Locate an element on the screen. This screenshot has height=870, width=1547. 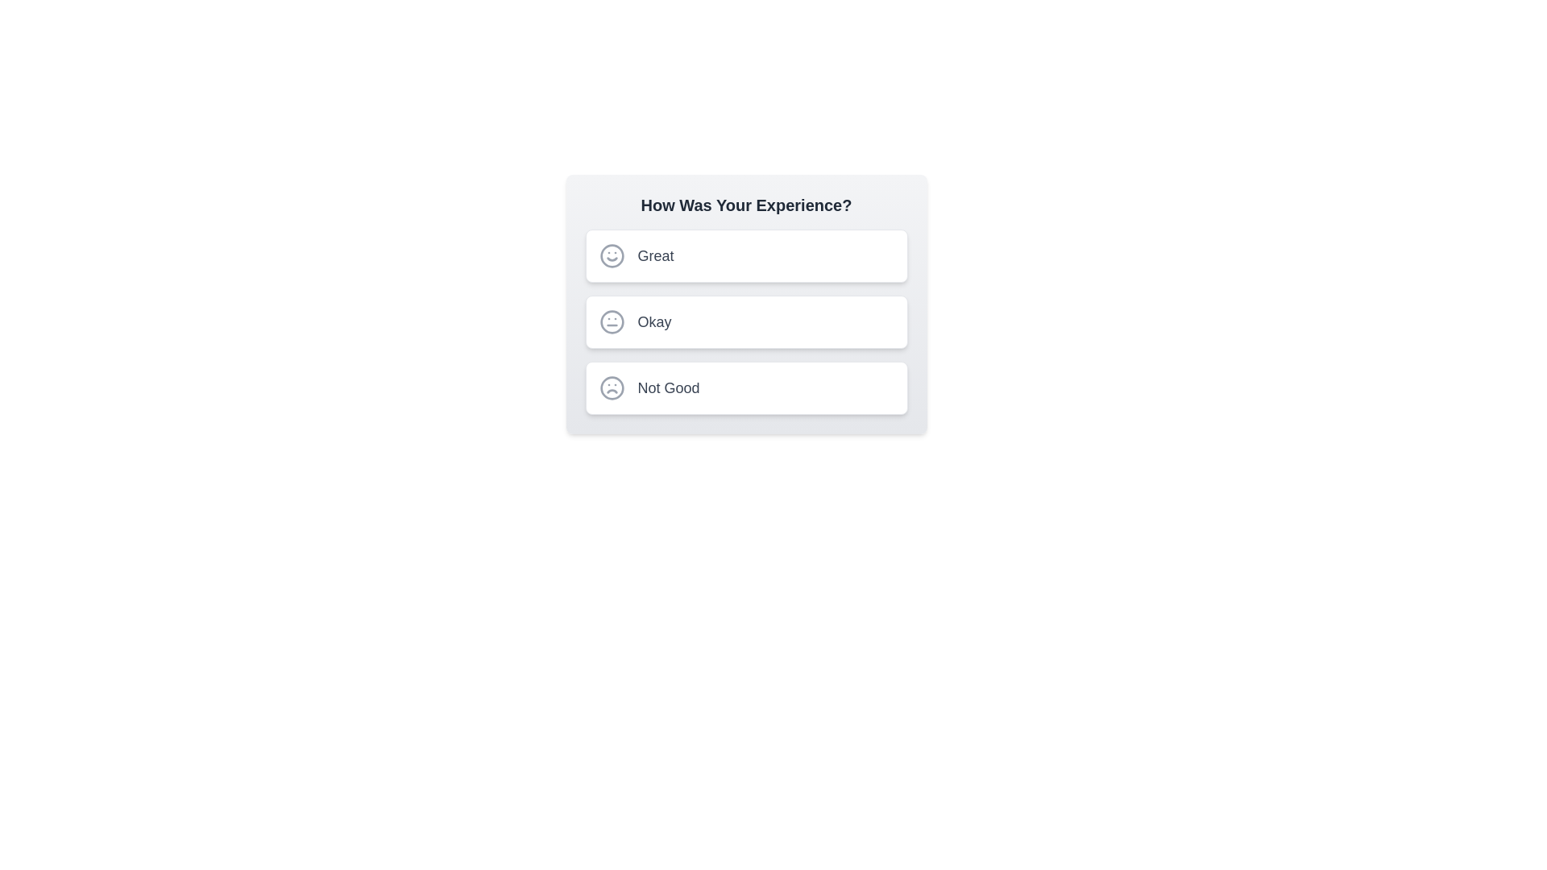
the Icon (neutral face) representing the 'Okay' feedback option, which is the primary circular feature in the second feedback option is located at coordinates (611, 322).